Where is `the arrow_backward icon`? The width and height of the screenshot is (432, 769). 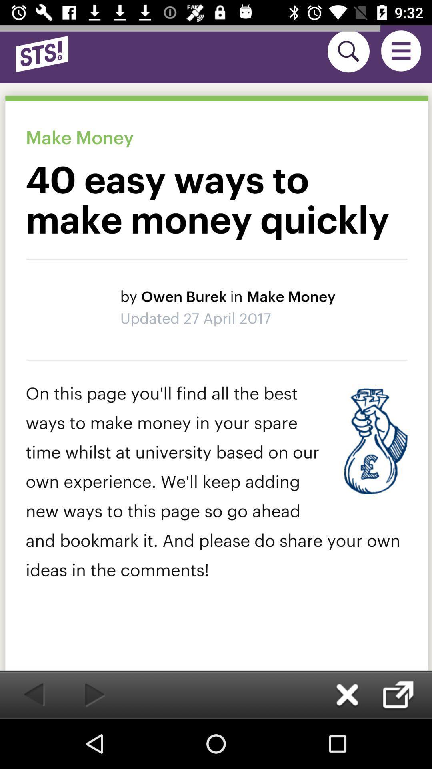 the arrow_backward icon is located at coordinates (25, 694).